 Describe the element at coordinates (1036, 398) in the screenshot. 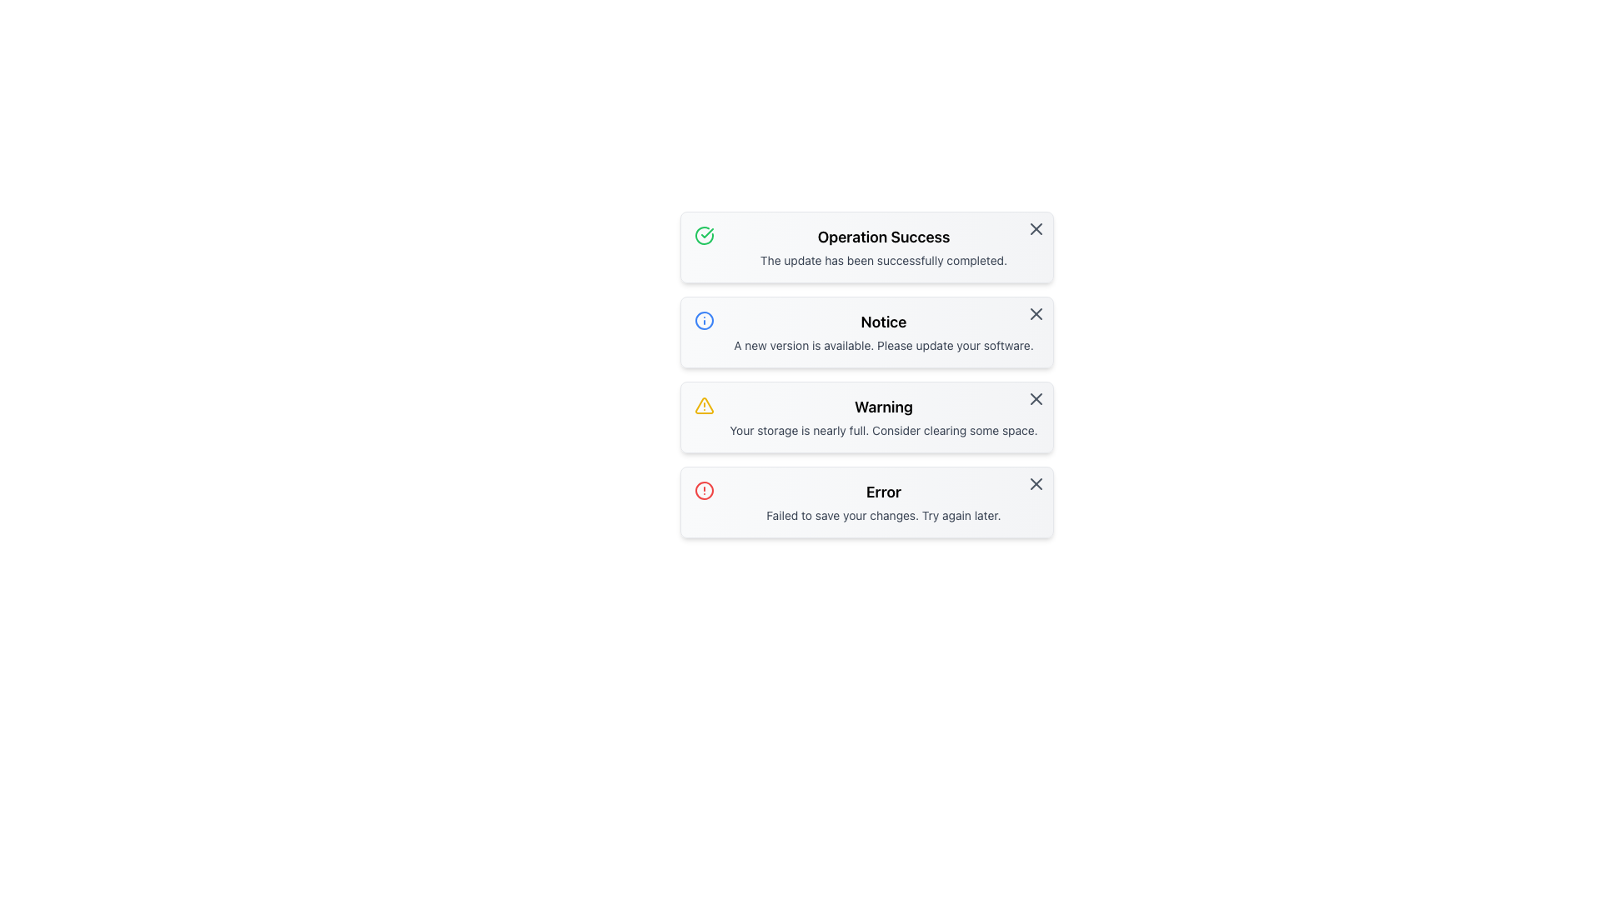

I see `the diagonal line of the cross icon, which serves as the close button for the 'Warning' notification` at that location.